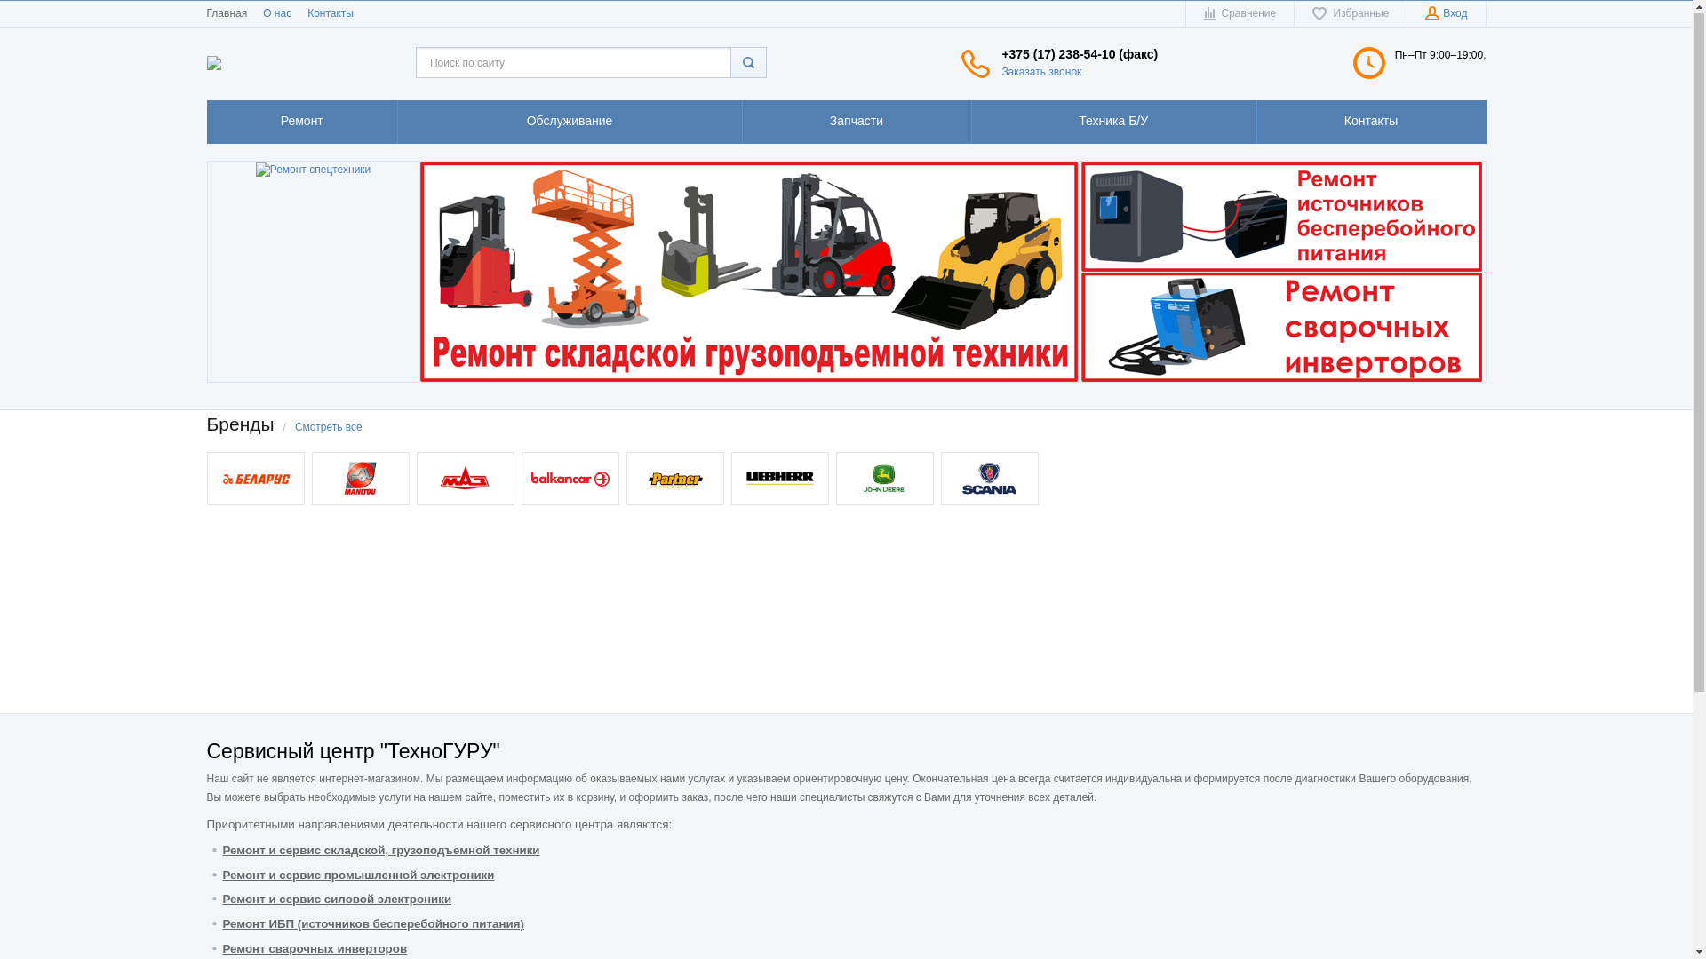 The image size is (1706, 959). Describe the element at coordinates (344, 479) in the screenshot. I see `'Manitou'` at that location.